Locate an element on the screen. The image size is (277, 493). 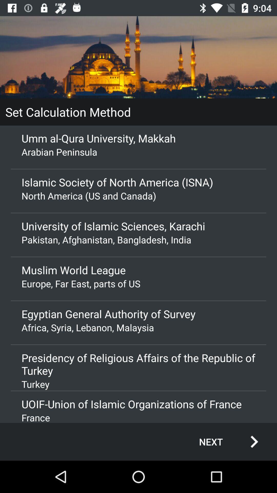
app above the islamic society of icon is located at coordinates (138, 151).